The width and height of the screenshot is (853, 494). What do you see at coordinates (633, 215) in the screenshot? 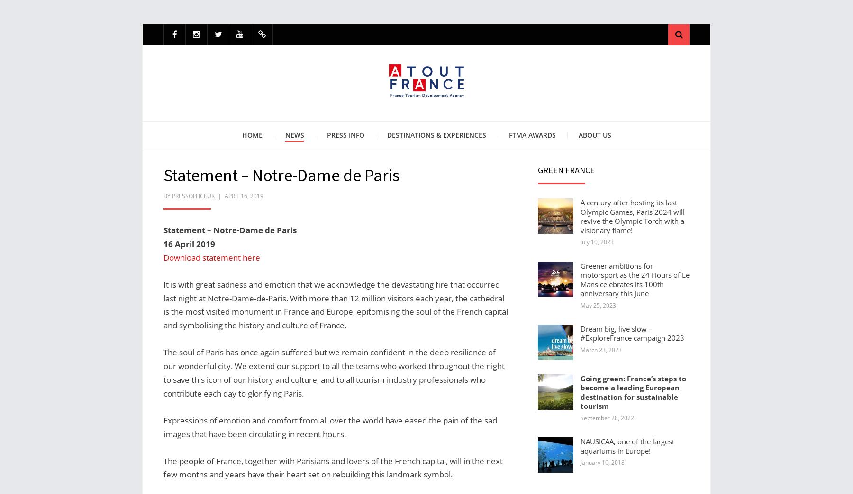
I see `'A century after hosting its last Olympic Games, Paris 2024 will revive the Olympic Torch with a visionary flame!'` at bounding box center [633, 215].